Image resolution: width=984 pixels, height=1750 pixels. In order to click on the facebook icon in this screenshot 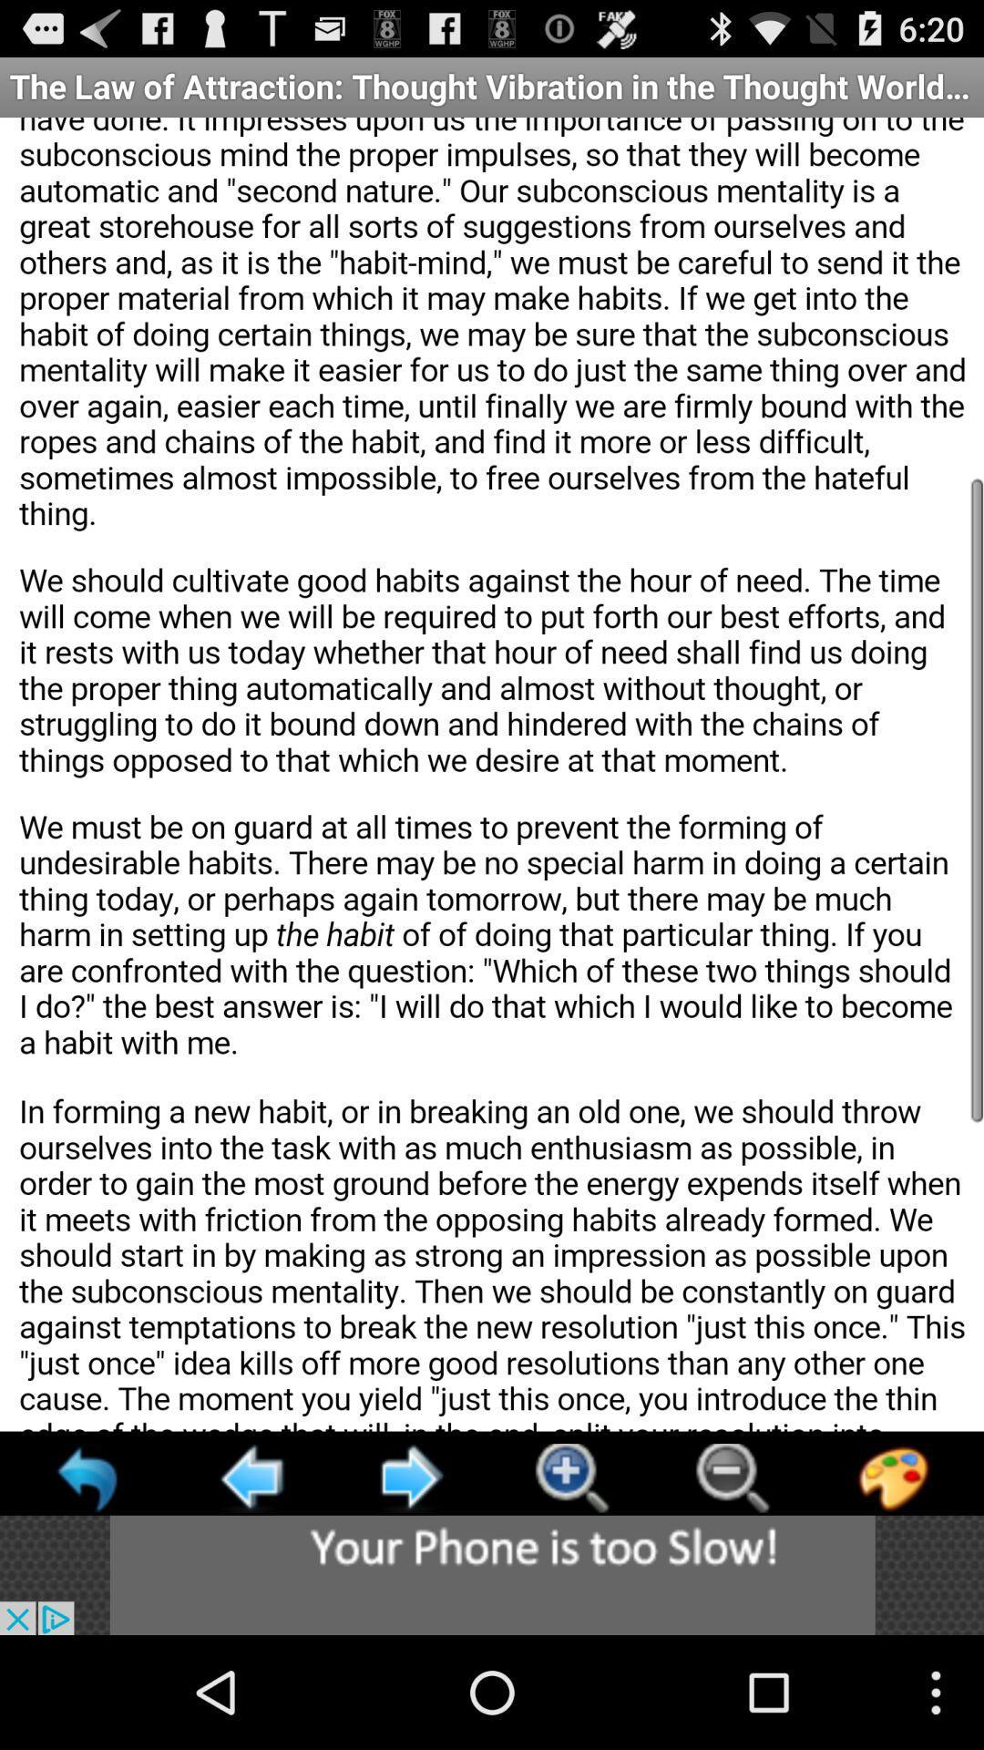, I will do `click(892, 1580)`.